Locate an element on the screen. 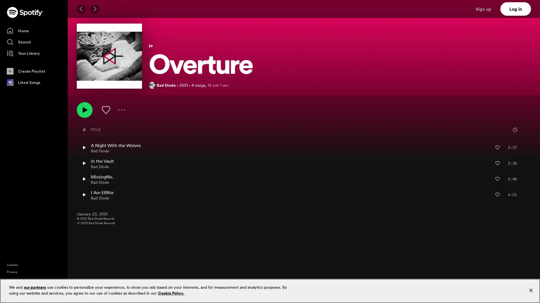  Play MissingNo. by Bad Diode is located at coordinates (84, 179).